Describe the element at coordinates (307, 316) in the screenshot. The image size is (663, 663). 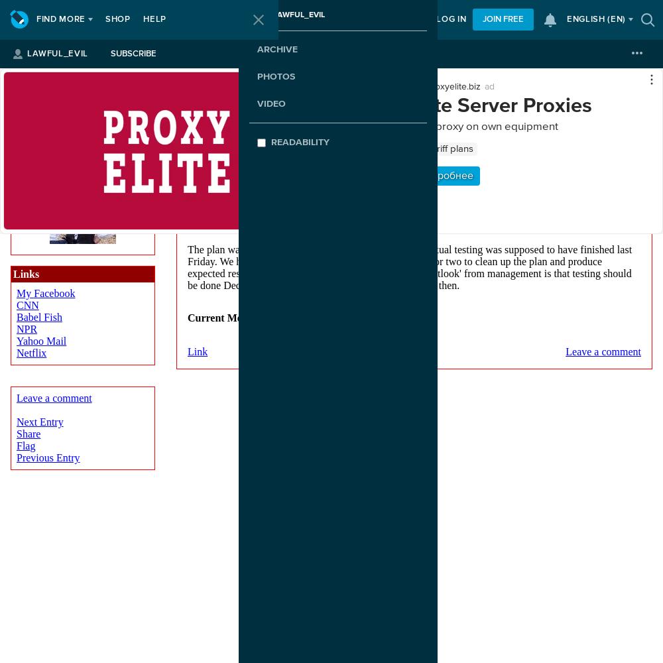
I see `'aggravated'` at that location.